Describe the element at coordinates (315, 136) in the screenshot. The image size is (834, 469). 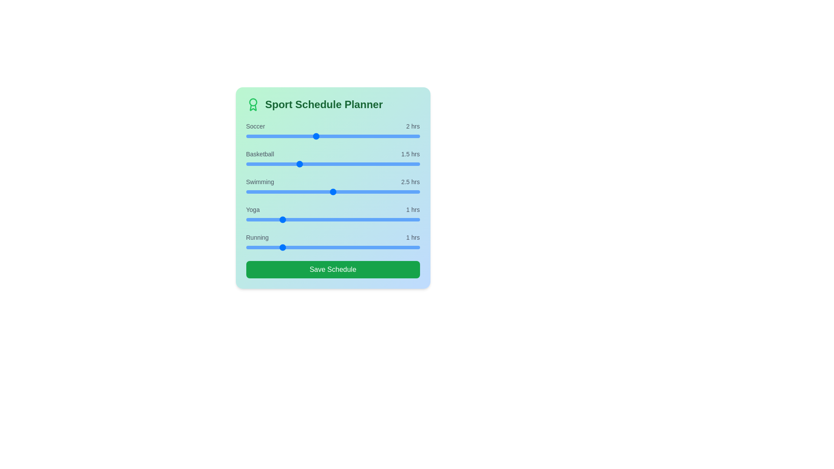
I see `the Soccer slider to 2 hours` at that location.